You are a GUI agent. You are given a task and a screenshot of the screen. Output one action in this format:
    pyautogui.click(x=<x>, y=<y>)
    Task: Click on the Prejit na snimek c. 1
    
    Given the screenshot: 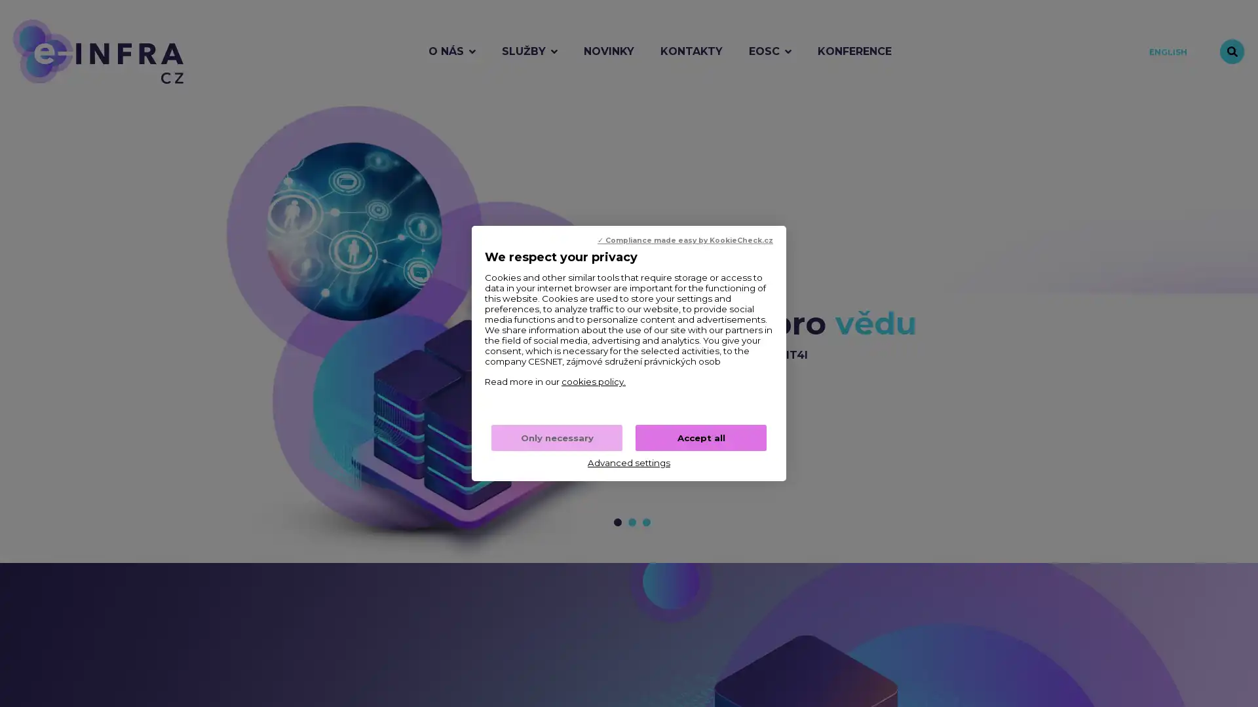 What is the action you would take?
    pyautogui.click(x=617, y=522)
    